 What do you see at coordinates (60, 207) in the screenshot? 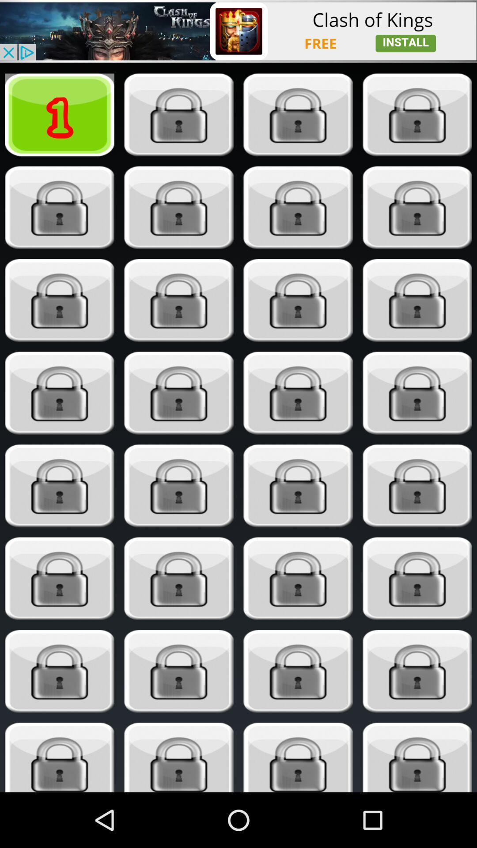
I see `unlock level` at bounding box center [60, 207].